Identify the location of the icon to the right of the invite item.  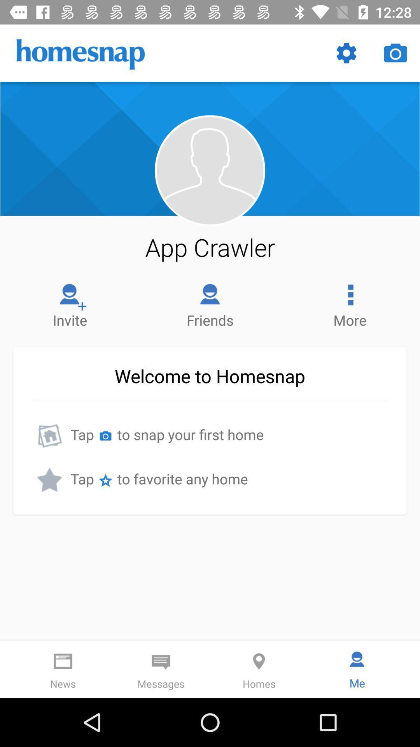
(210, 303).